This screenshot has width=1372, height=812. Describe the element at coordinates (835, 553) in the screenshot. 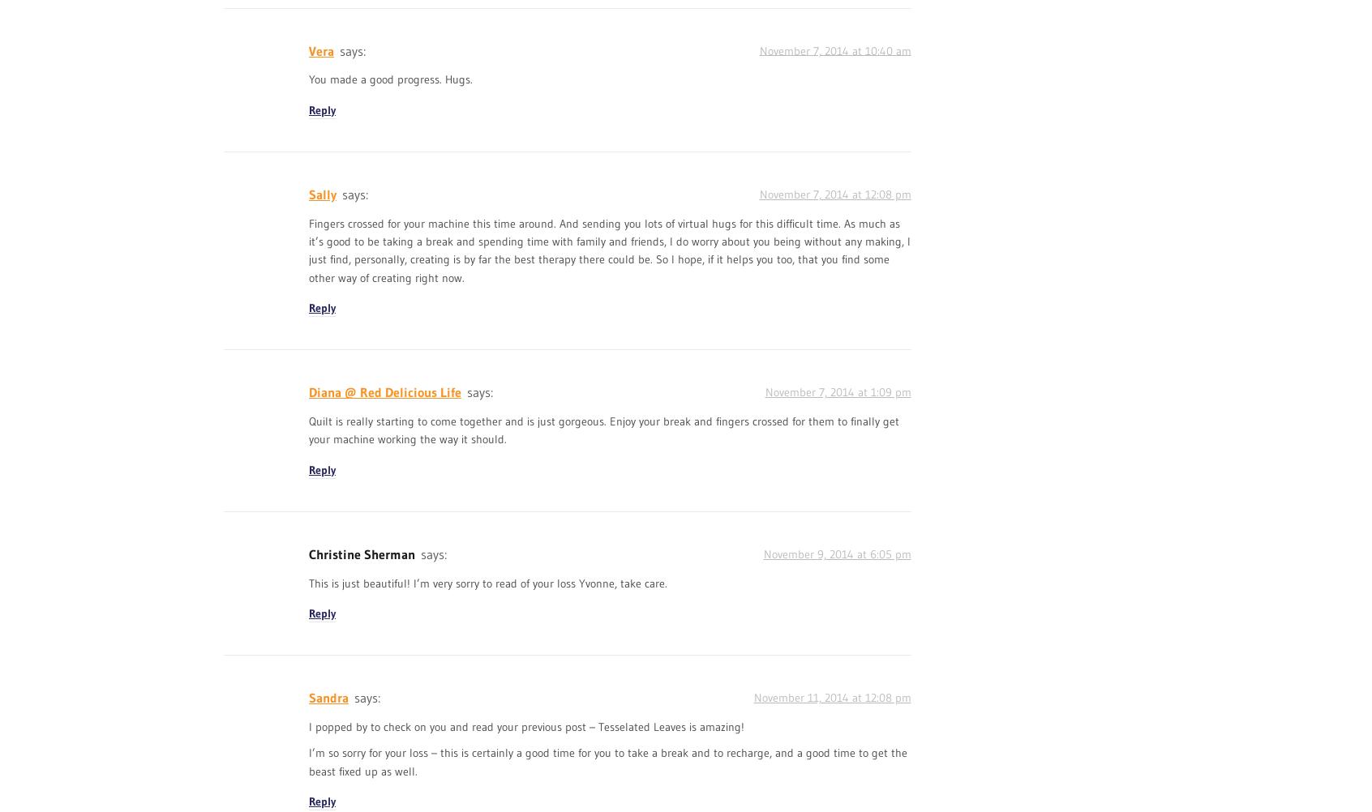

I see `'November 9, 2014 at 6:05 pm'` at that location.